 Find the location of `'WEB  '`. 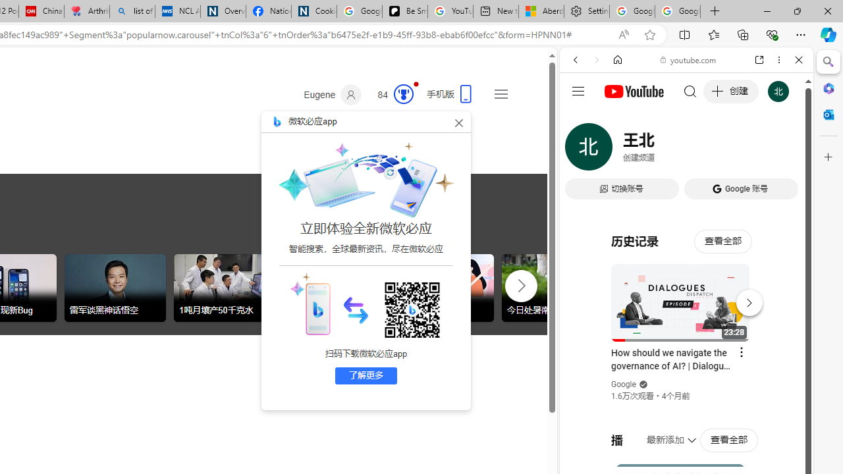

'WEB  ' is located at coordinates (580, 149).